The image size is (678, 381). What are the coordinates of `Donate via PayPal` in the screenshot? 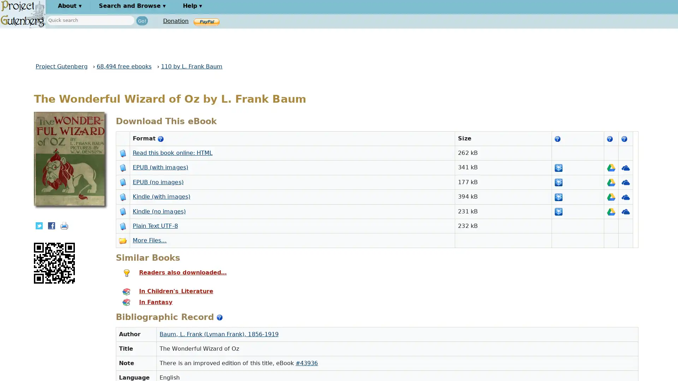 It's located at (206, 21).